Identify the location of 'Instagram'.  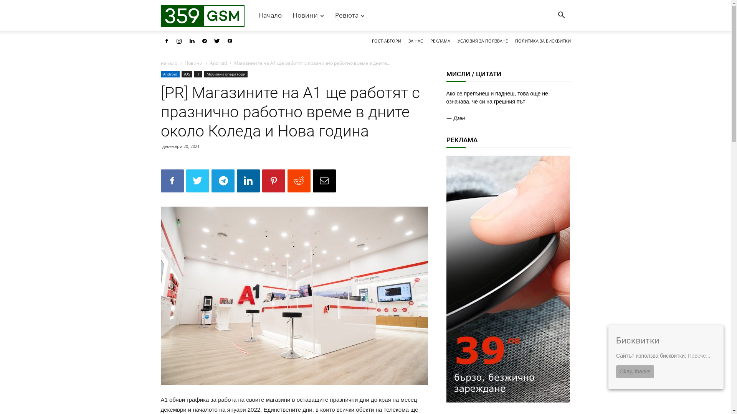
(173, 41).